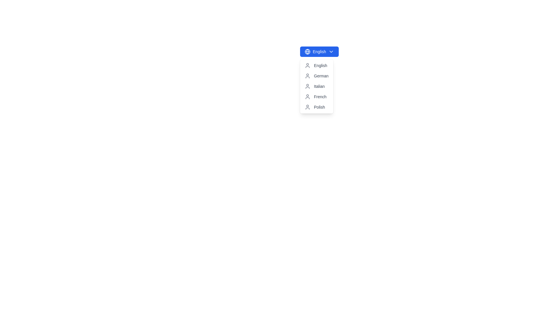 The height and width of the screenshot is (312, 554). What do you see at coordinates (316, 107) in the screenshot?
I see `the list item labeled 'Polish' with a user avatar icon` at bounding box center [316, 107].